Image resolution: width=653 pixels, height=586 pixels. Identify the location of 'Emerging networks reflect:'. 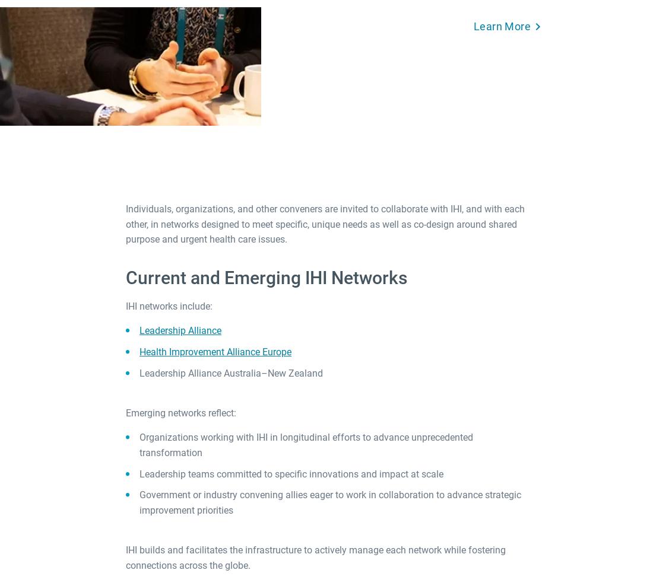
(182, 412).